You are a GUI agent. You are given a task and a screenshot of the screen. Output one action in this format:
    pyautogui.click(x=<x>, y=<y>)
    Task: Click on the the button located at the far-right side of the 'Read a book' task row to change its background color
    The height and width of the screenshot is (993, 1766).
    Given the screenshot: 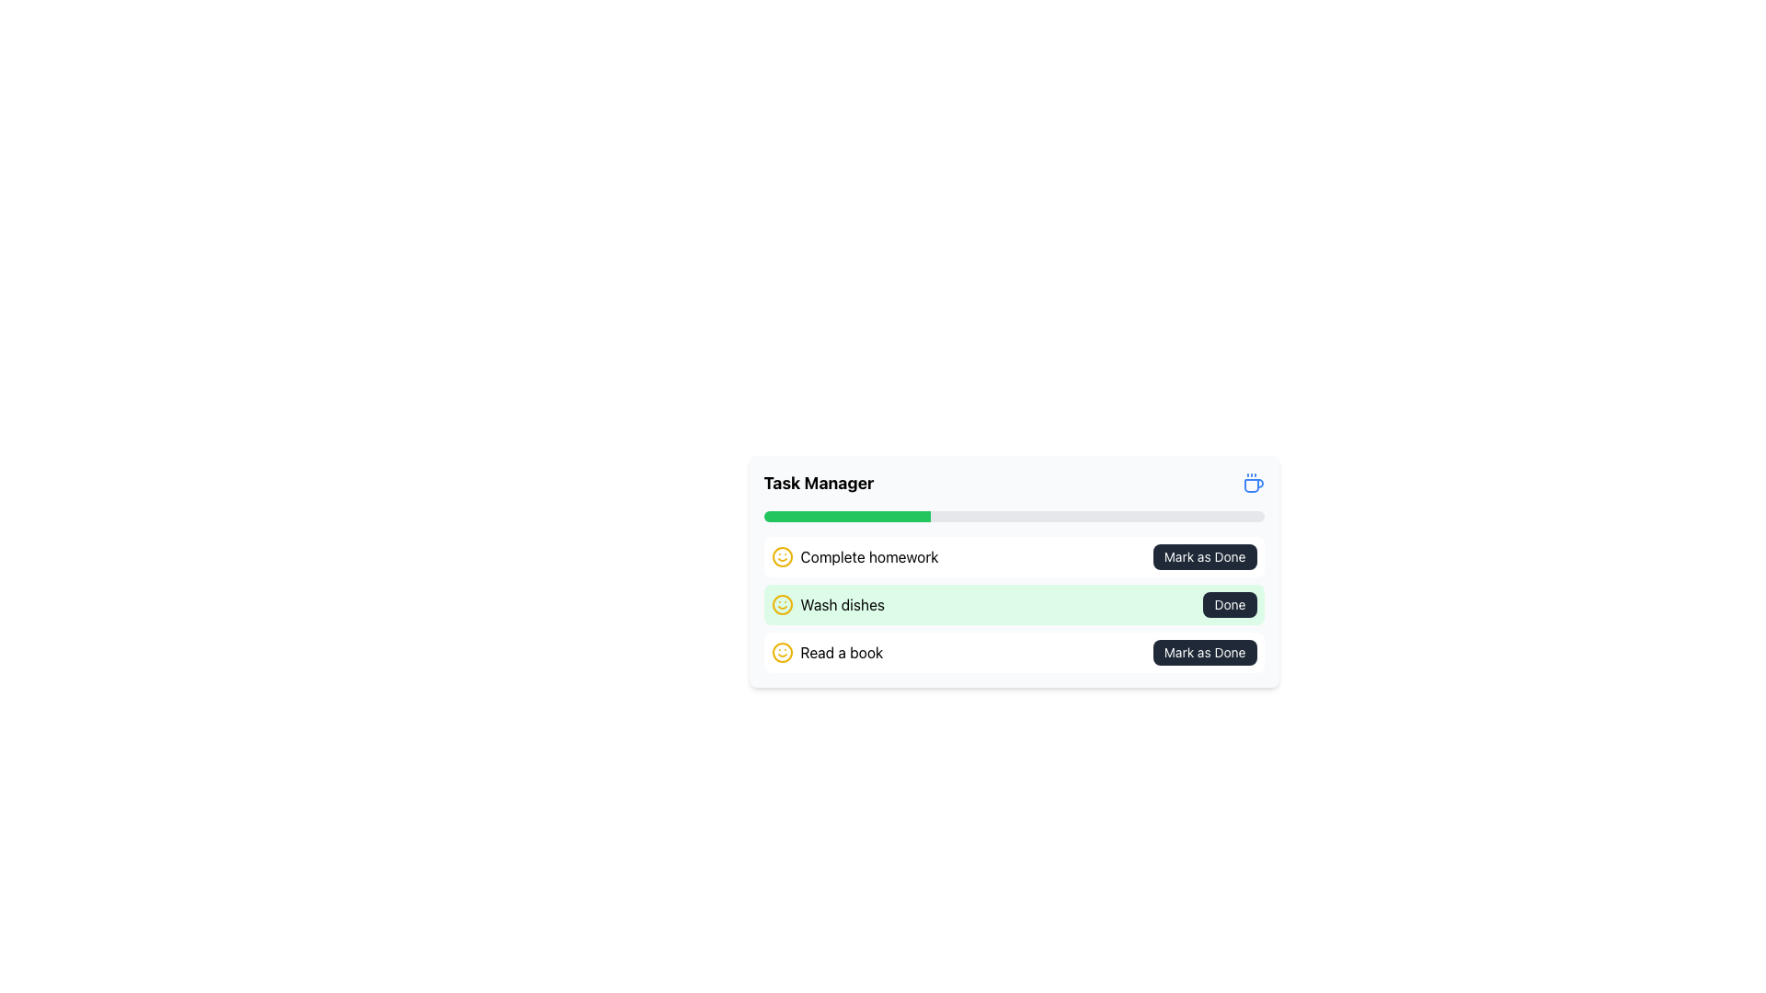 What is the action you would take?
    pyautogui.click(x=1205, y=651)
    